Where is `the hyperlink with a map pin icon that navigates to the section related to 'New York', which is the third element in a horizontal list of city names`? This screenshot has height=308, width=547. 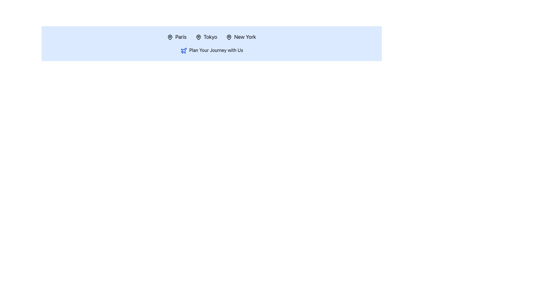
the hyperlink with a map pin icon that navigates to the section related to 'New York', which is the third element in a horizontal list of city names is located at coordinates (241, 37).